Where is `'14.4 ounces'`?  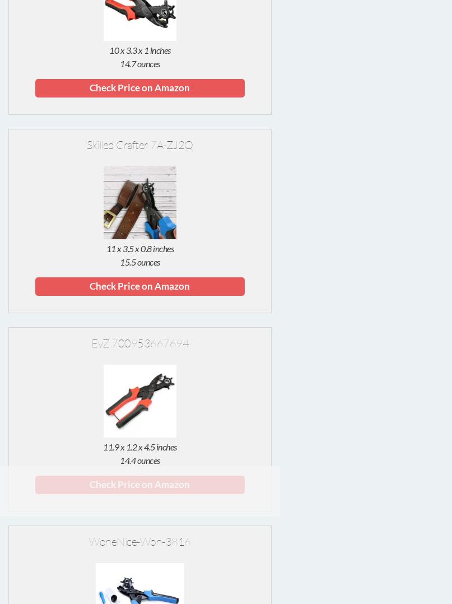 '14.4 ounces' is located at coordinates (139, 460).